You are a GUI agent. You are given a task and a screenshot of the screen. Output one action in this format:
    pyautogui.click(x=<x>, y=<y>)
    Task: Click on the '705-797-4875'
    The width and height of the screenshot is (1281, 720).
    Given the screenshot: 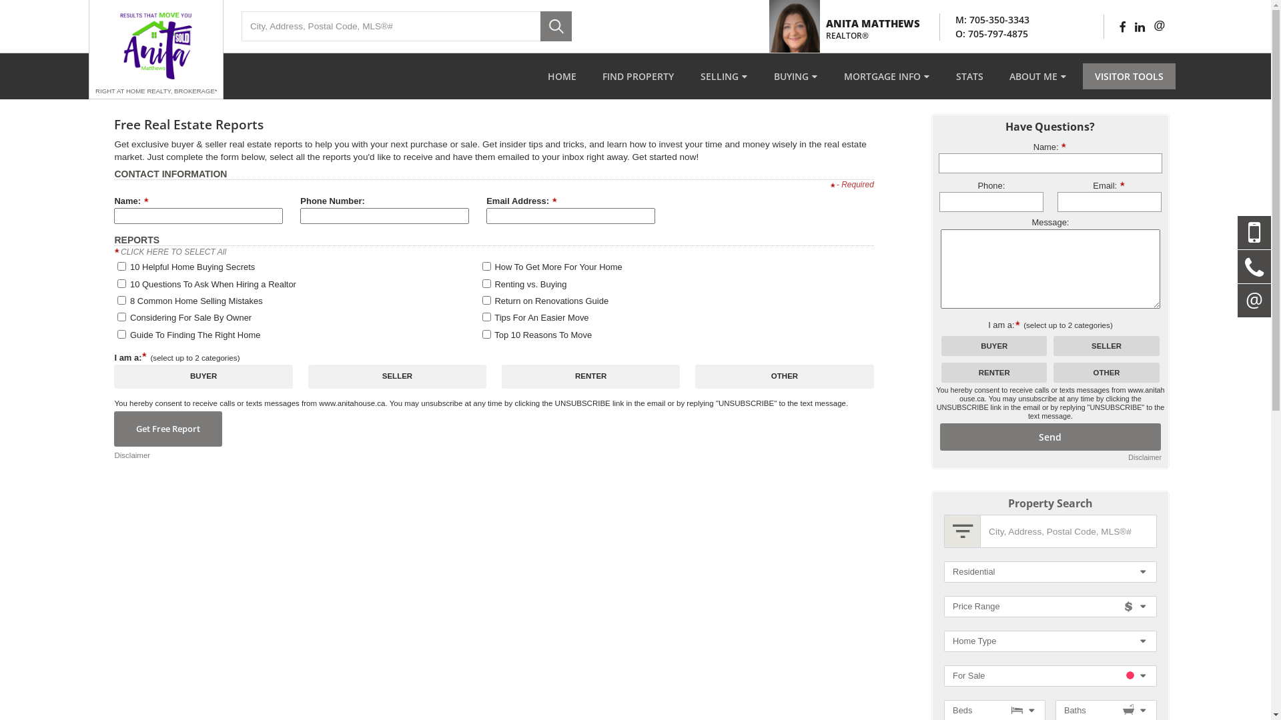 What is the action you would take?
    pyautogui.click(x=998, y=33)
    